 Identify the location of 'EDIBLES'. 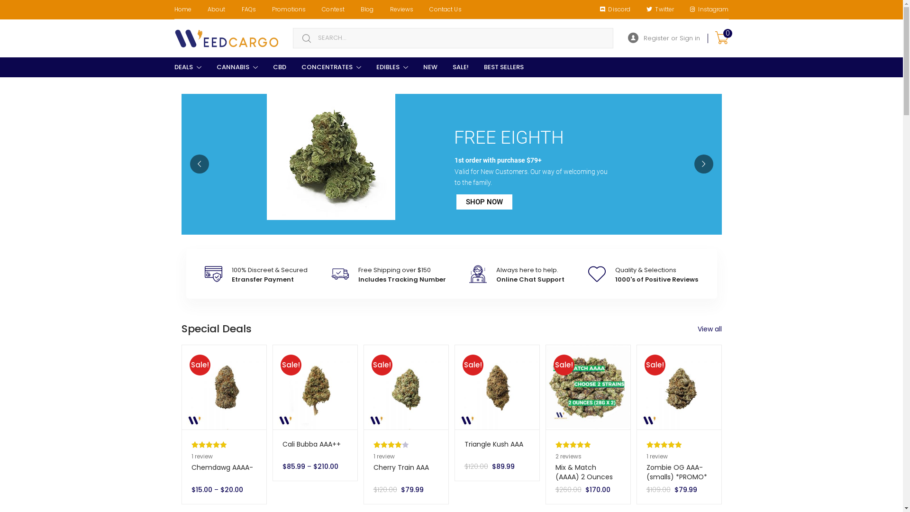
(392, 67).